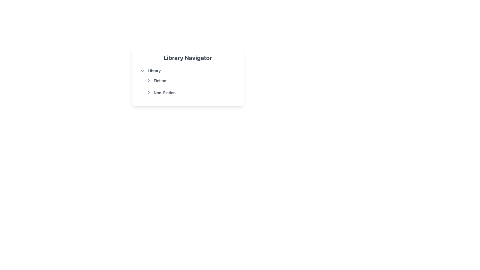  What do you see at coordinates (148, 92) in the screenshot?
I see `the right-facing chevron icon styled with gray color, which precedes the 'Non-Fiction' label in the vertical navigation menu` at bounding box center [148, 92].